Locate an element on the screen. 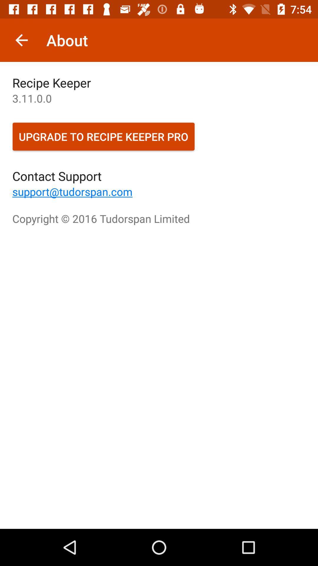 Image resolution: width=318 pixels, height=566 pixels. the icon next to about item is located at coordinates (21, 40).